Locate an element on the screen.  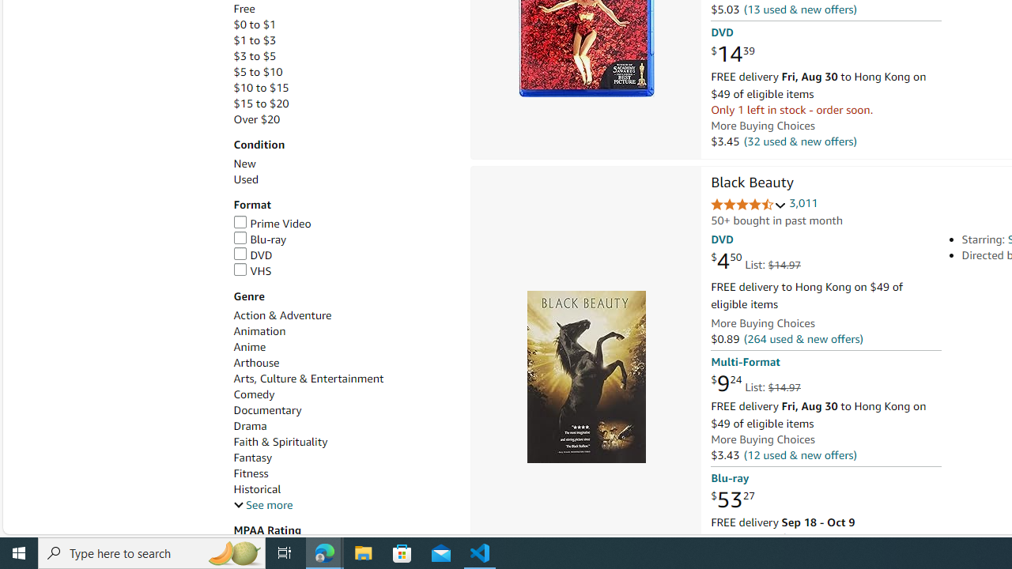
'Free' is located at coordinates (342, 9).